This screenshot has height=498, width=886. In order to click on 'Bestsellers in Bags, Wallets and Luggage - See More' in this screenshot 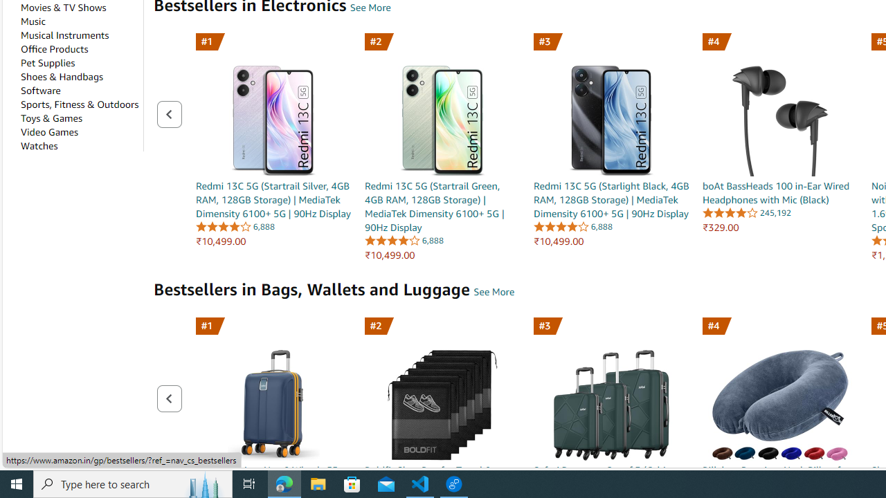, I will do `click(494, 291)`.